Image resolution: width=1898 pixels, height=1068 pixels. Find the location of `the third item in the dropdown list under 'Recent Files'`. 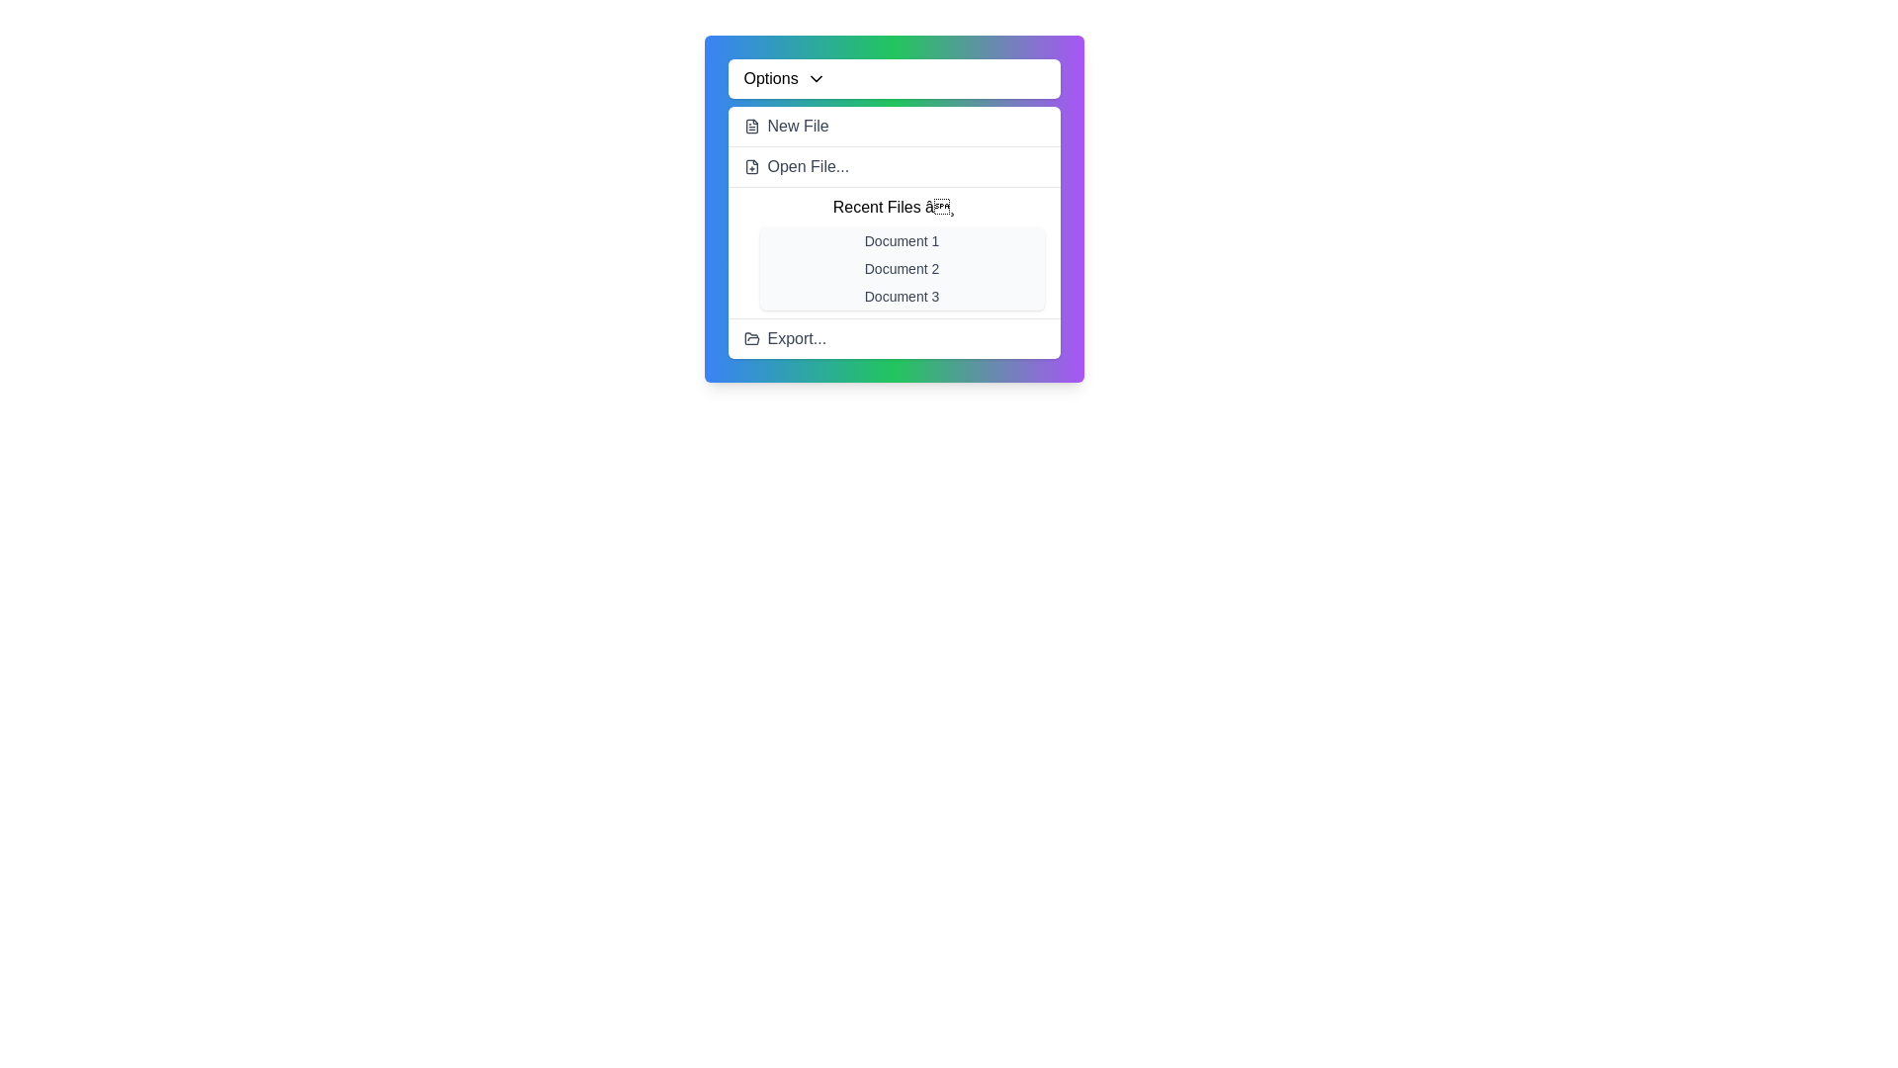

the third item in the dropdown list under 'Recent Files' is located at coordinates (901, 297).